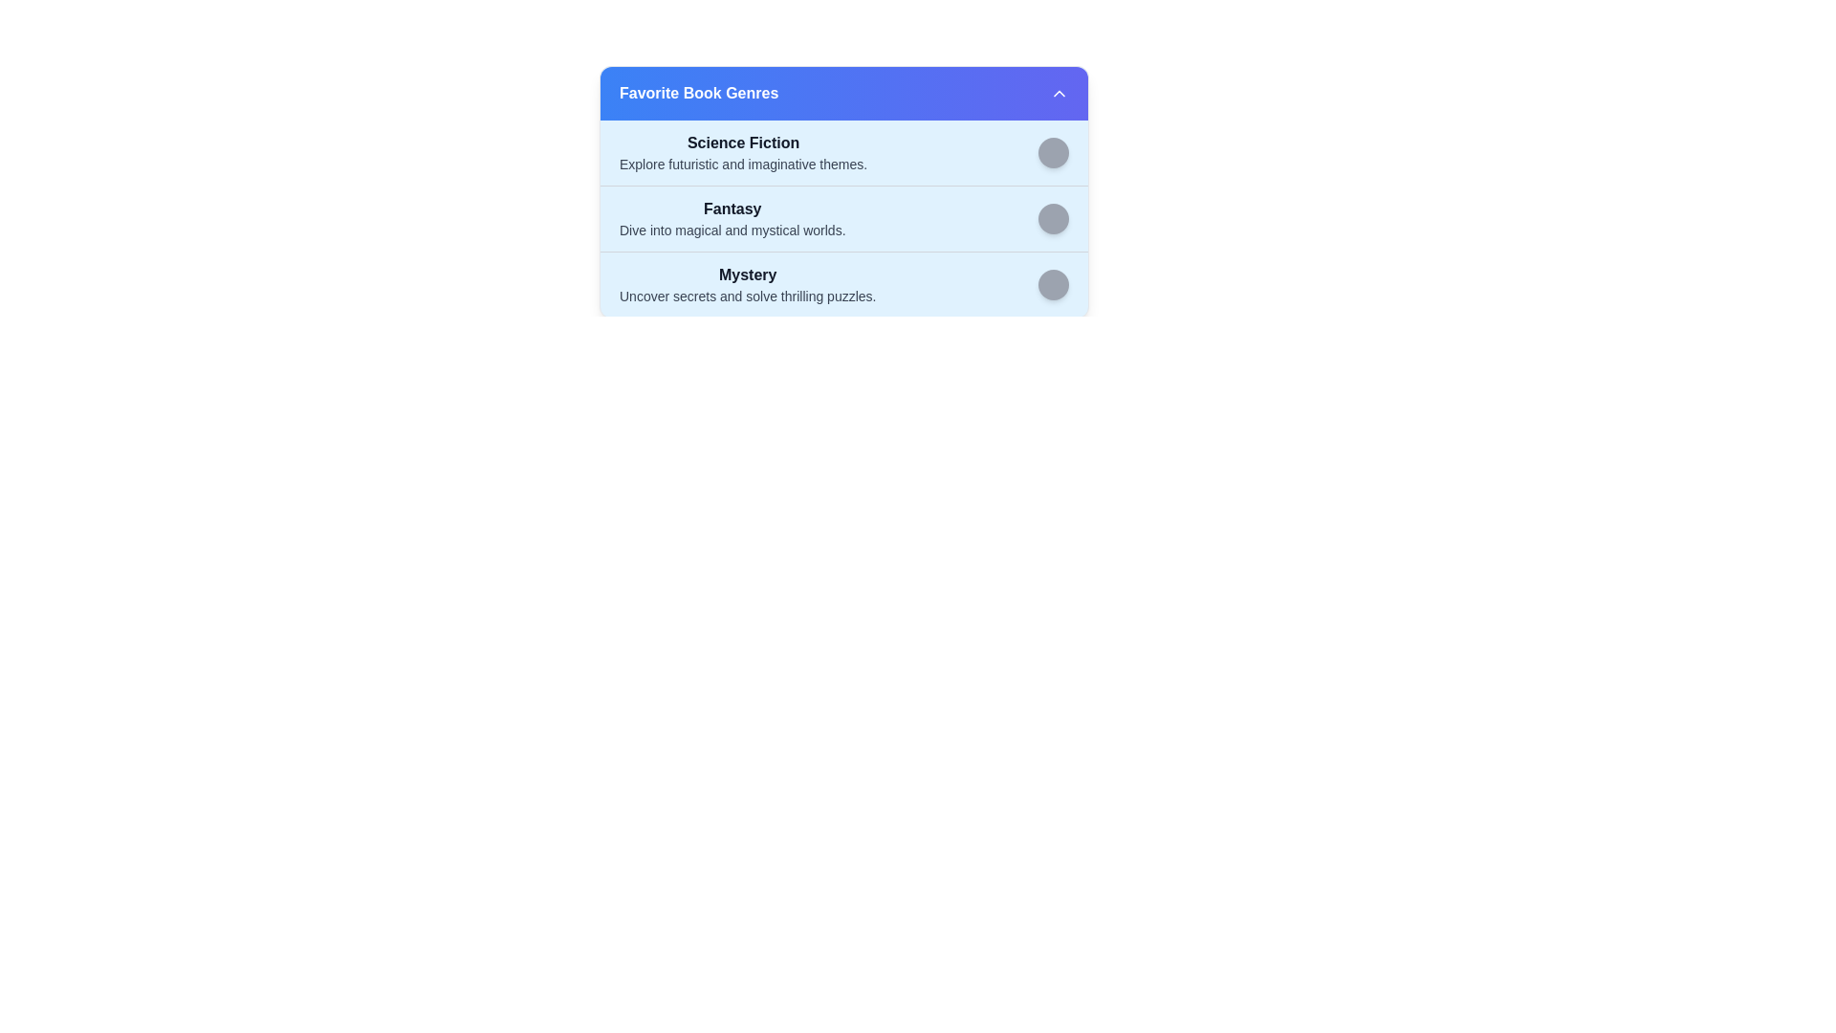 This screenshot has width=1836, height=1033. Describe the element at coordinates (732, 229) in the screenshot. I see `descriptive text 'Dive into magical and mystical worlds.' located below the 'Fantasy' title within the card-like structure` at that location.